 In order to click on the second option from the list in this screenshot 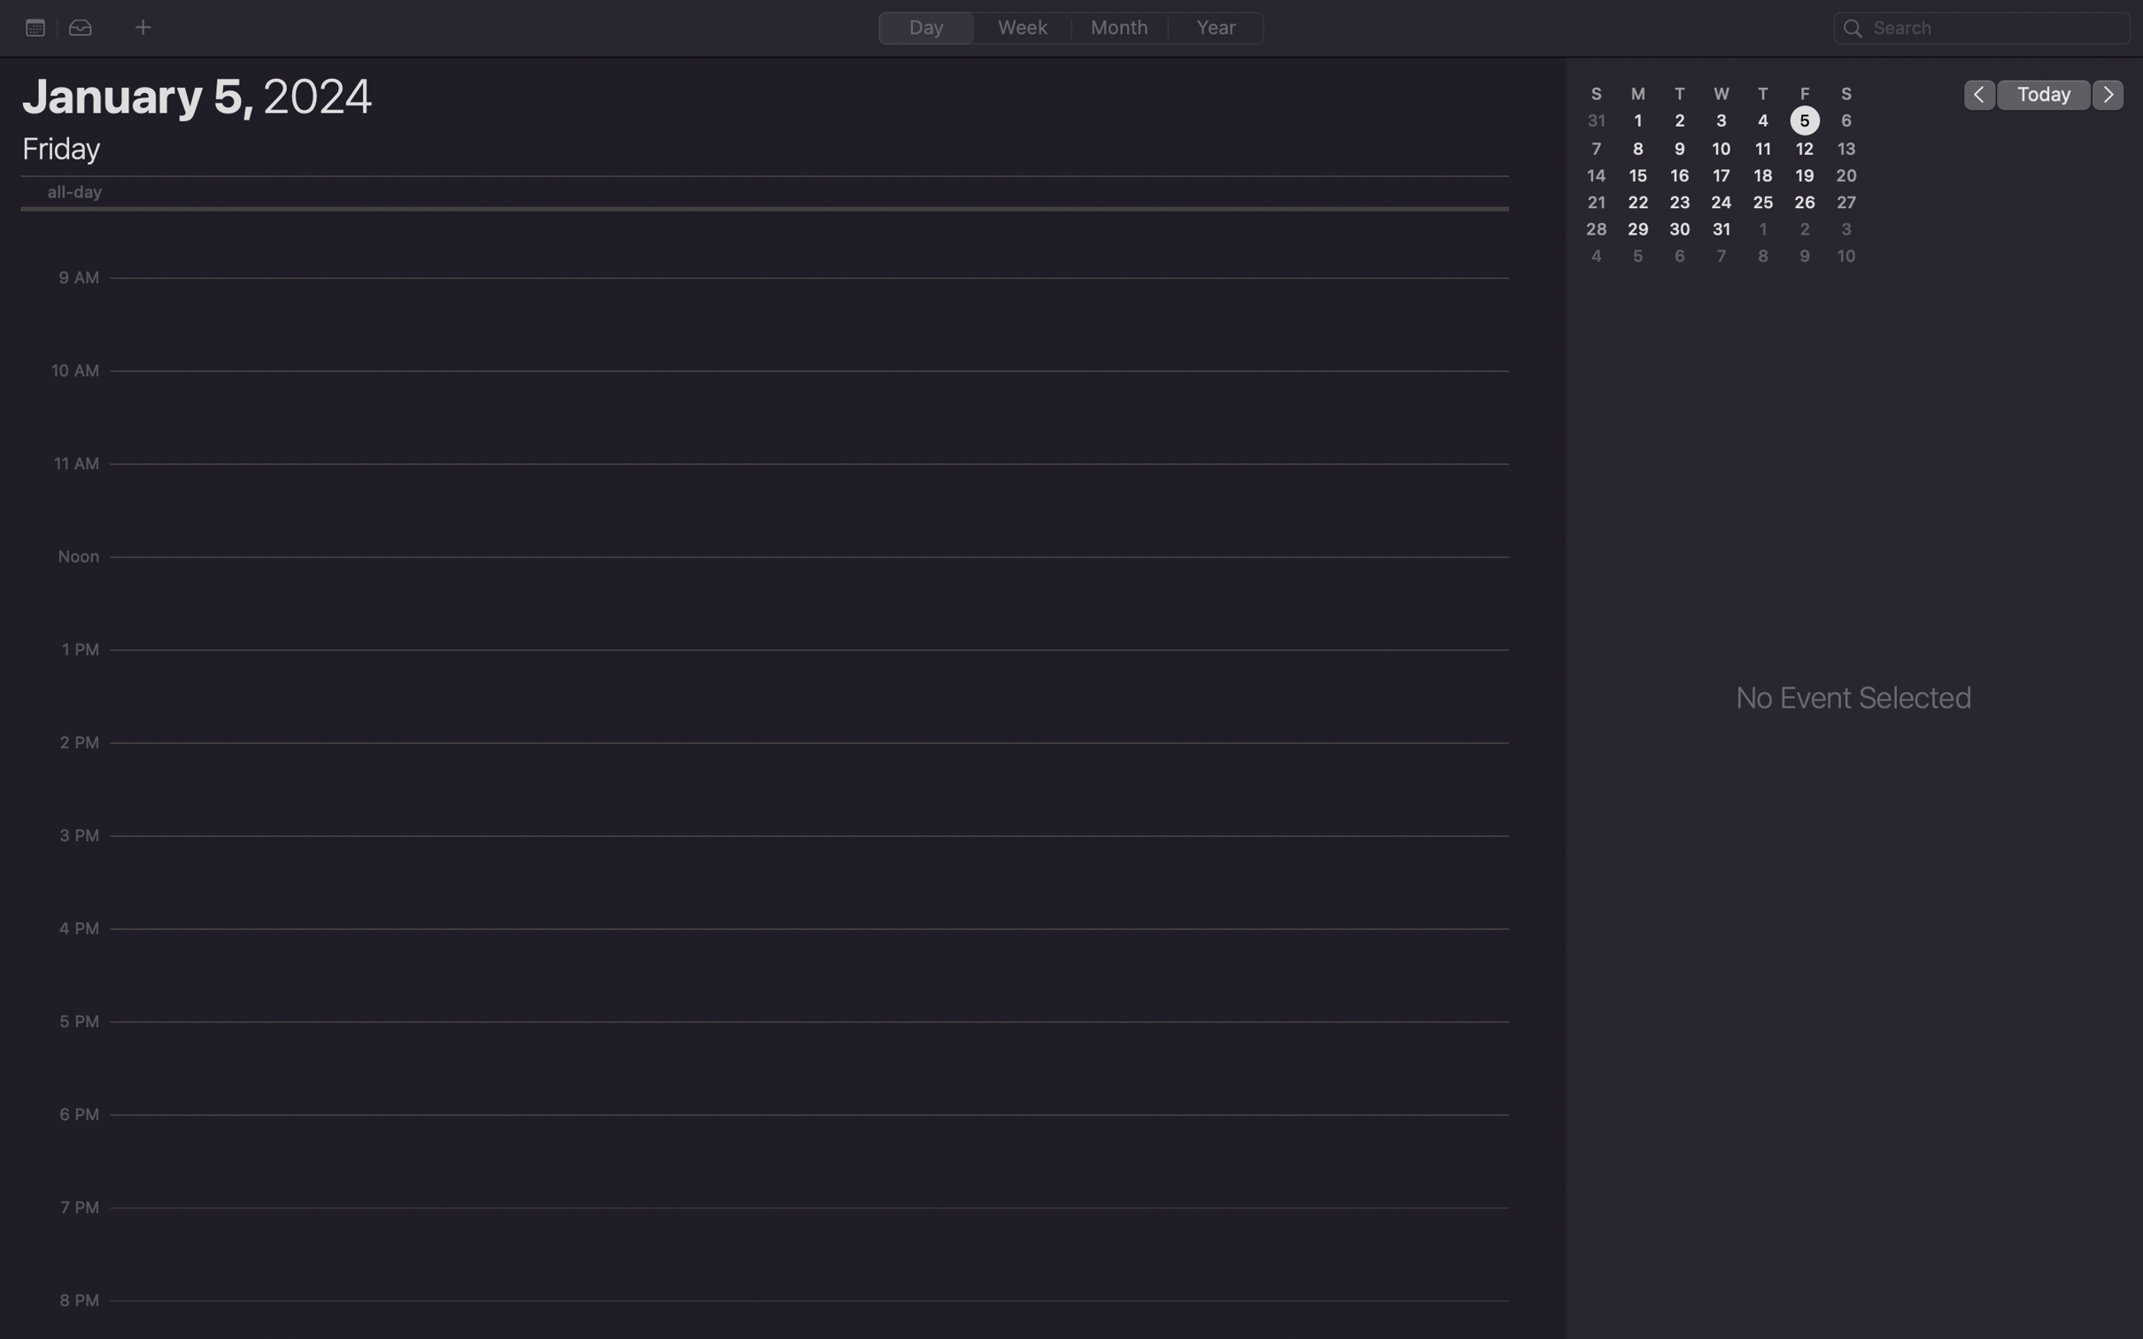, I will do `click(81, 28)`.